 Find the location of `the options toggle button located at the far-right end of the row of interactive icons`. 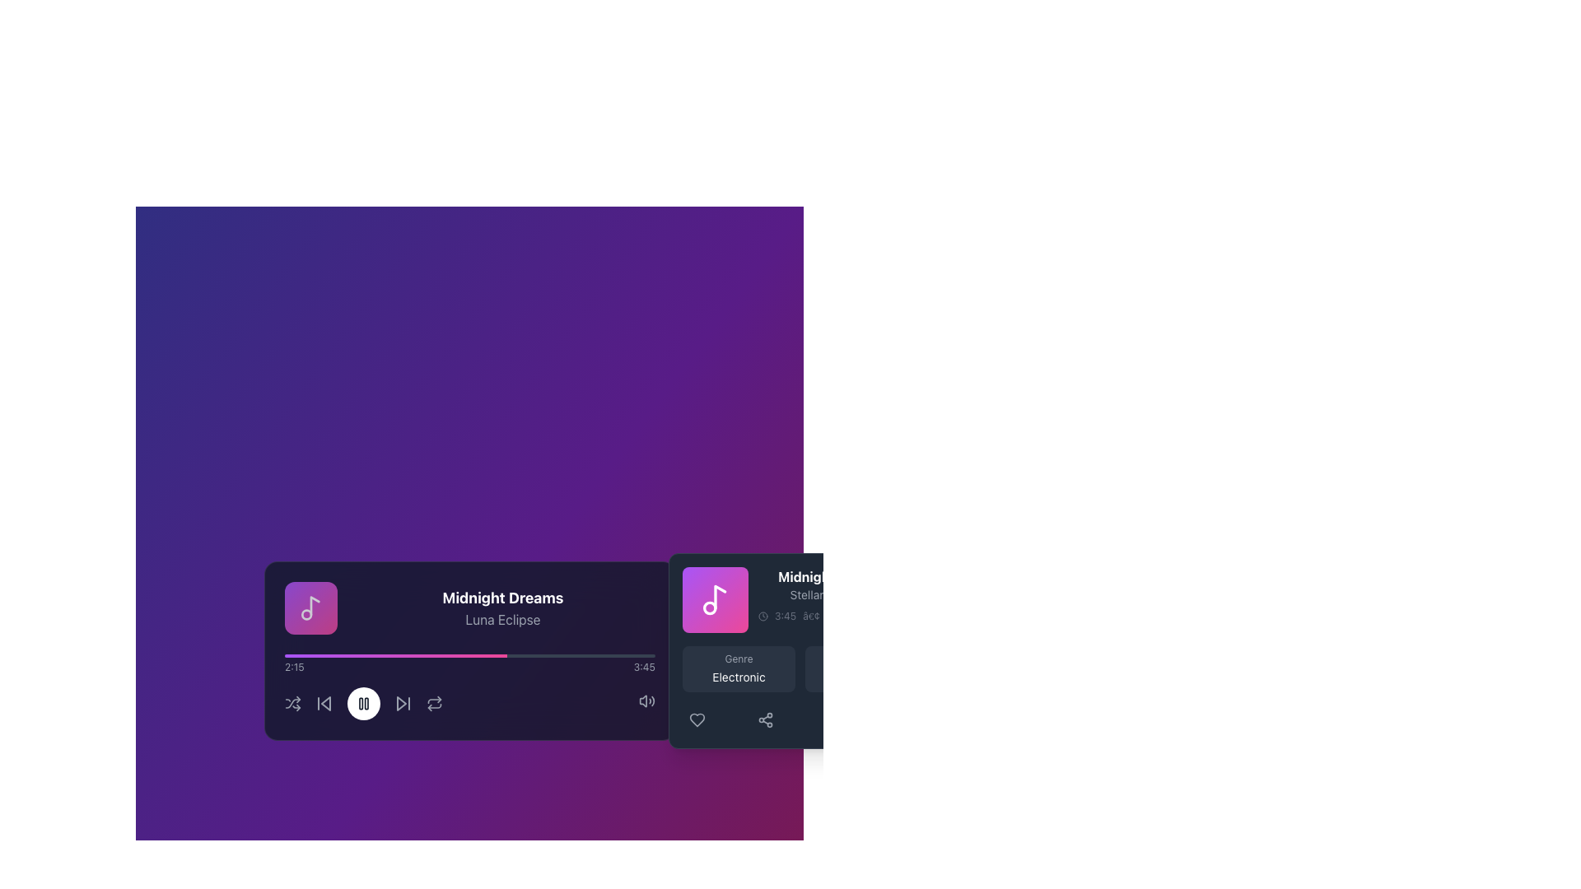

the options toggle button located at the far-right end of the row of interactive icons is located at coordinates (834, 719).